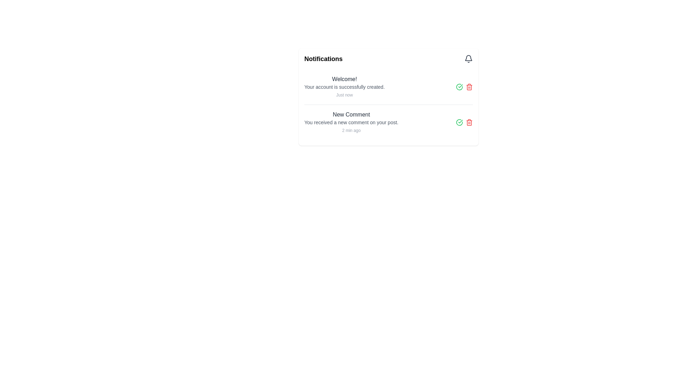 The height and width of the screenshot is (379, 674). Describe the element at coordinates (469, 86) in the screenshot. I see `the delete action button located in the top notification row, to the right of the green checkmark icon` at that location.